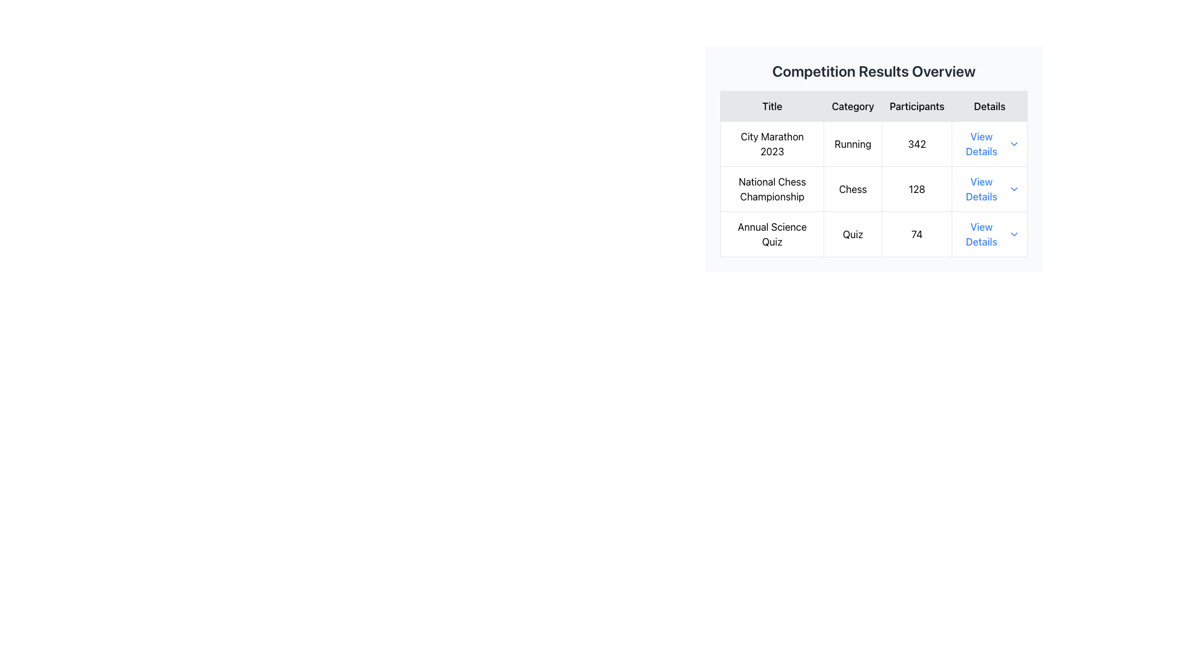 Image resolution: width=1188 pixels, height=668 pixels. Describe the element at coordinates (917, 234) in the screenshot. I see `the text displaying the number of participants for the 'Annual Science Quiz' event, located in the 'Participants' column of the table structure` at that location.